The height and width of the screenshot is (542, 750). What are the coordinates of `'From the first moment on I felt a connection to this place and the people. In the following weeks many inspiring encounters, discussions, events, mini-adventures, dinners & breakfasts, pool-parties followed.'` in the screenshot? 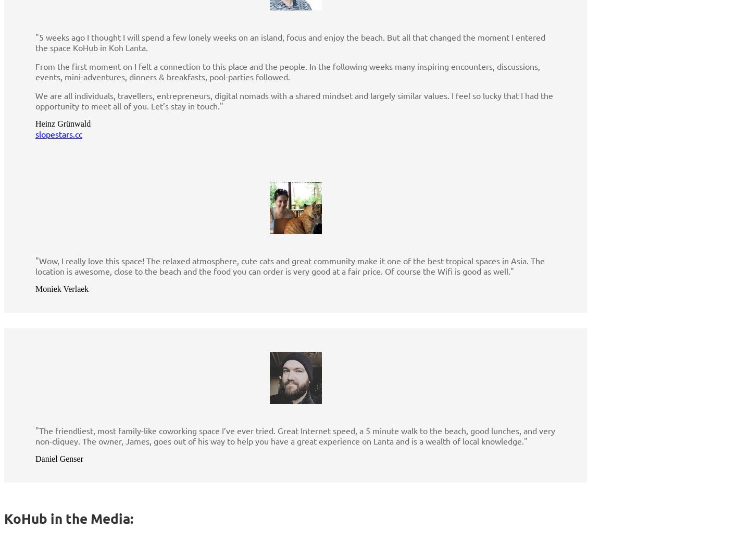 It's located at (287, 71).